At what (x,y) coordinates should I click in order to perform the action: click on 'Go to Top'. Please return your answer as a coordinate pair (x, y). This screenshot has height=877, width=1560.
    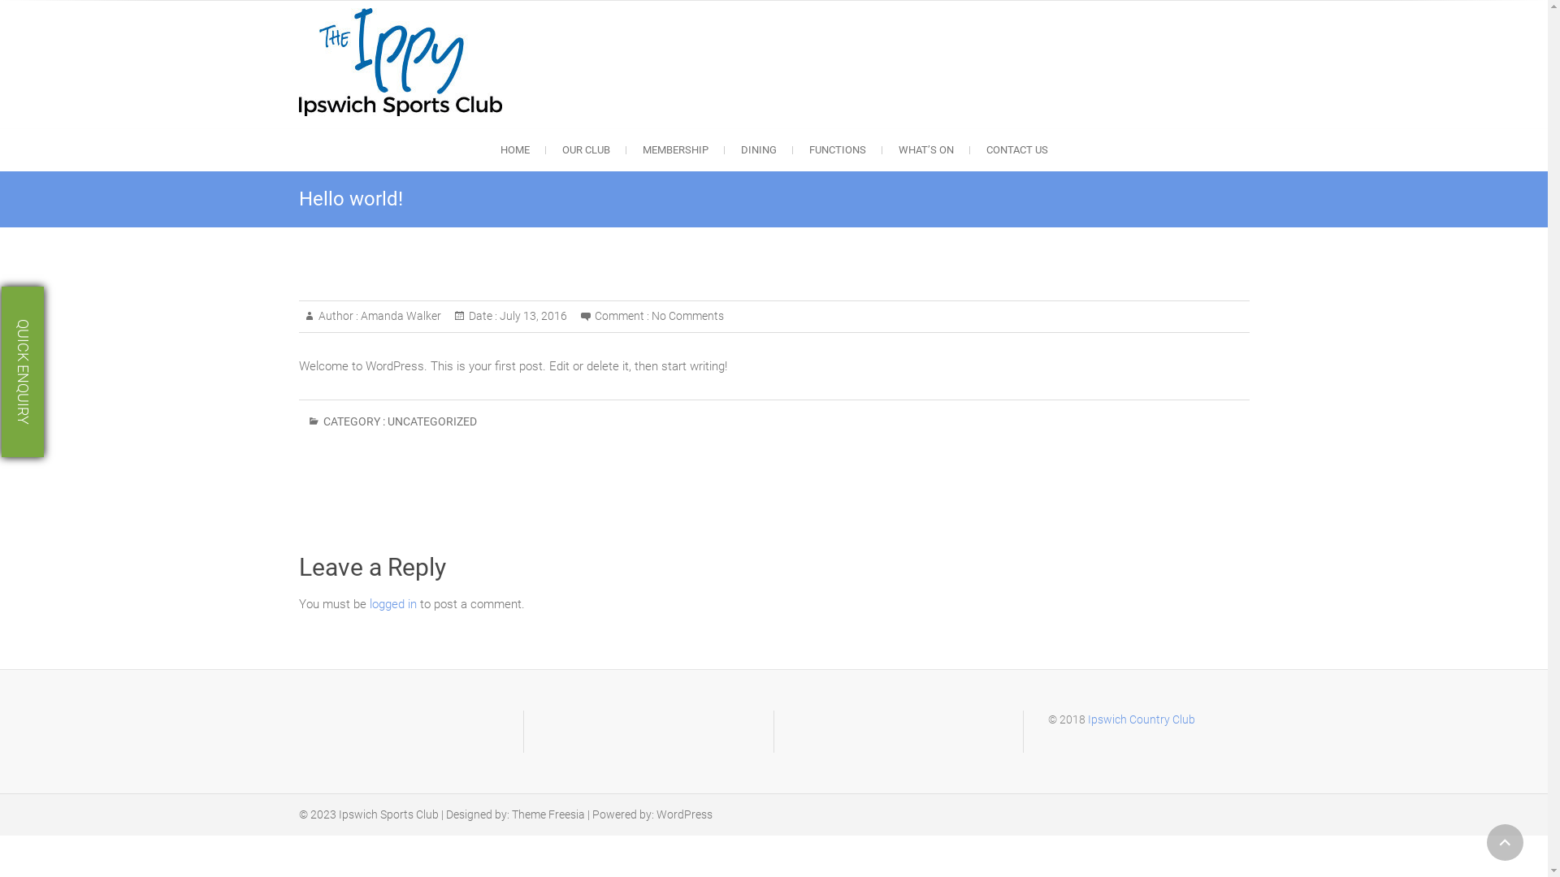
    Looking at the image, I should click on (1504, 841).